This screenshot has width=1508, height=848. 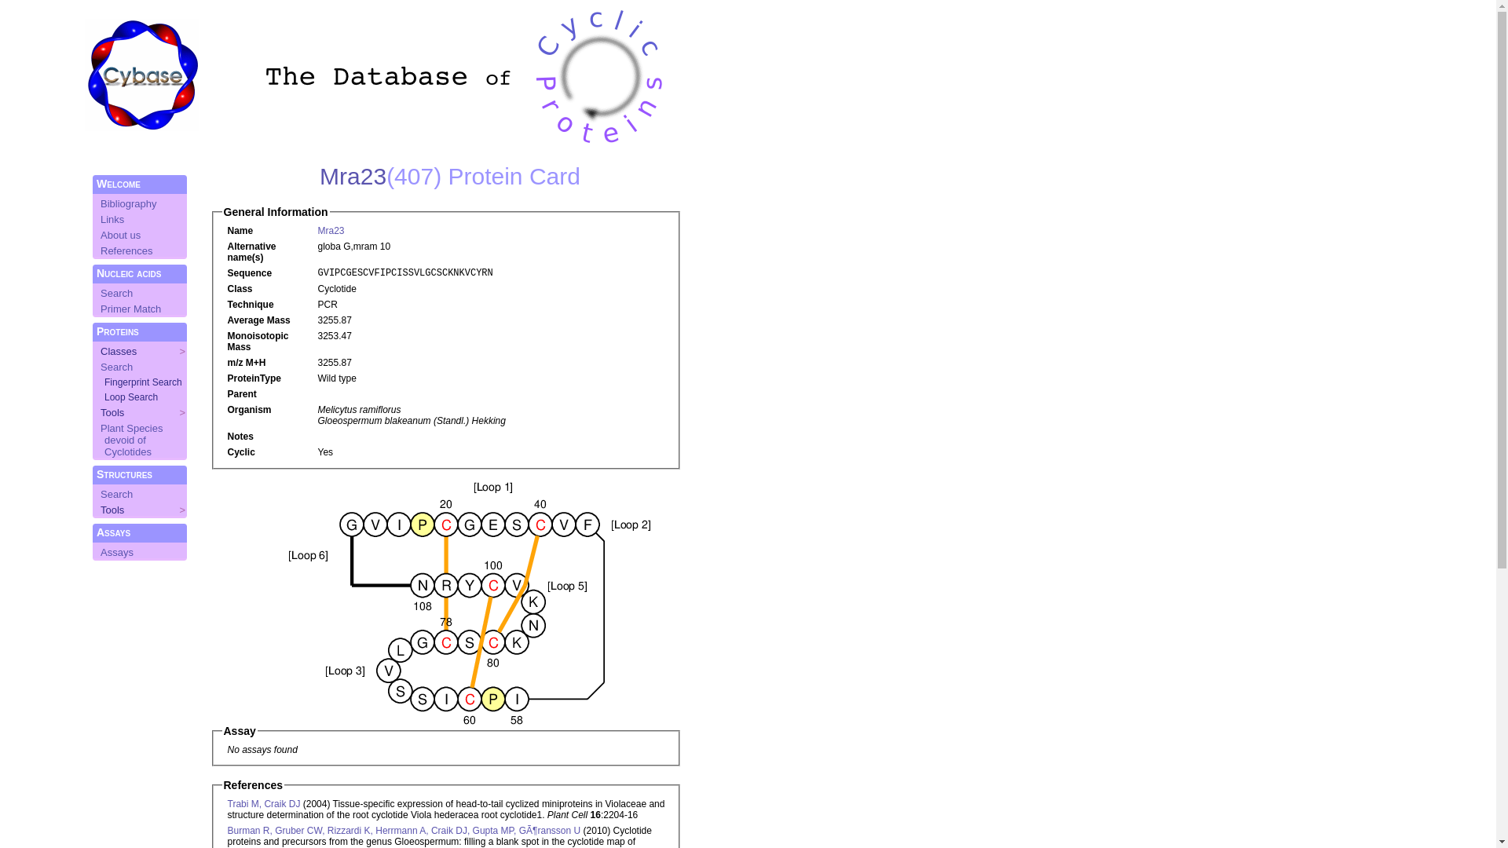 I want to click on 'Loop Search', so click(x=131, y=396).